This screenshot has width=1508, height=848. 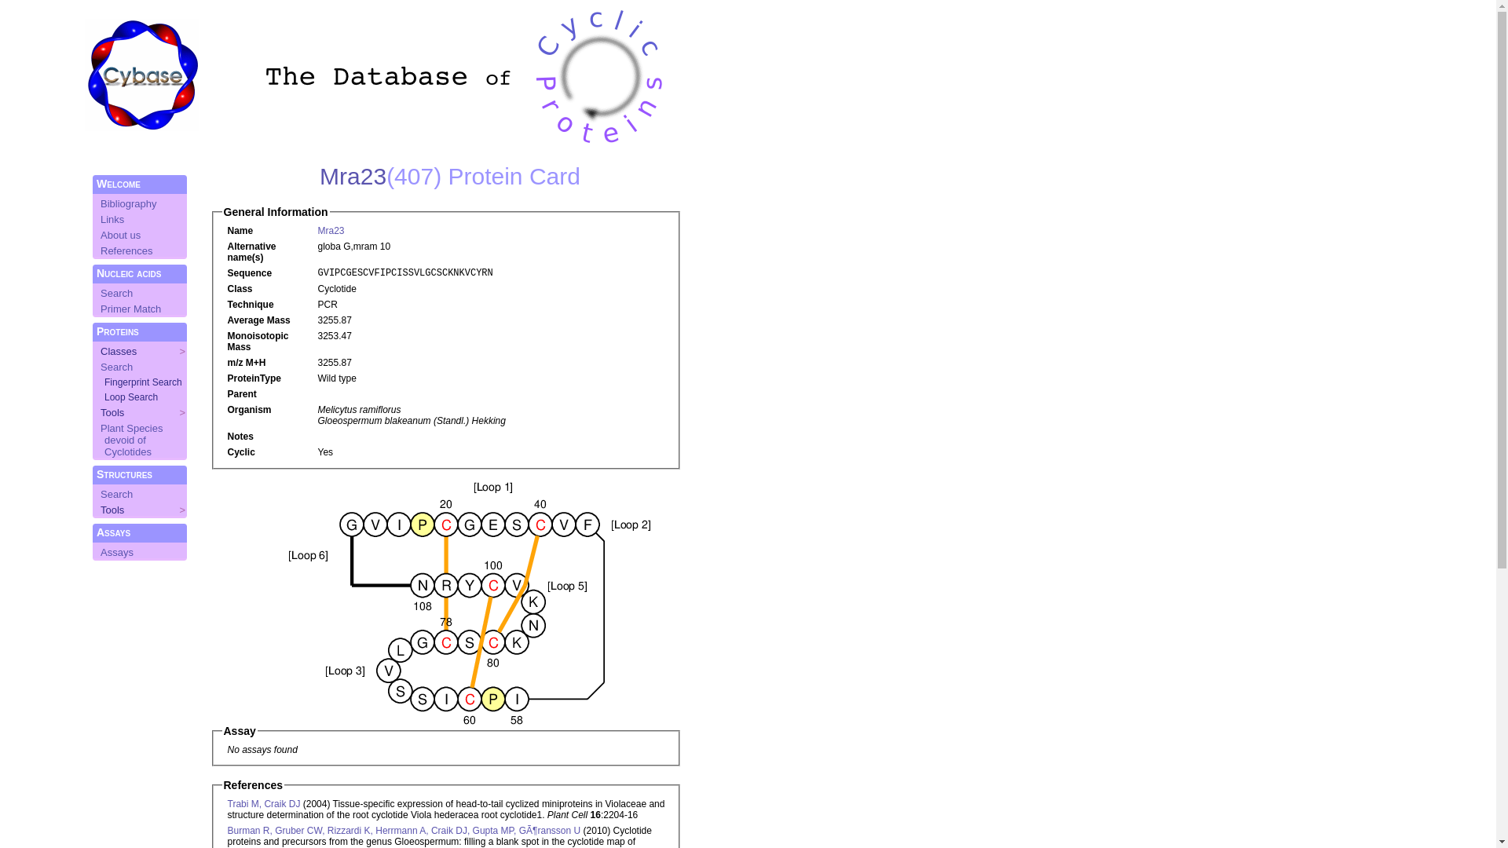 I want to click on 'Loop Search', so click(x=131, y=396).